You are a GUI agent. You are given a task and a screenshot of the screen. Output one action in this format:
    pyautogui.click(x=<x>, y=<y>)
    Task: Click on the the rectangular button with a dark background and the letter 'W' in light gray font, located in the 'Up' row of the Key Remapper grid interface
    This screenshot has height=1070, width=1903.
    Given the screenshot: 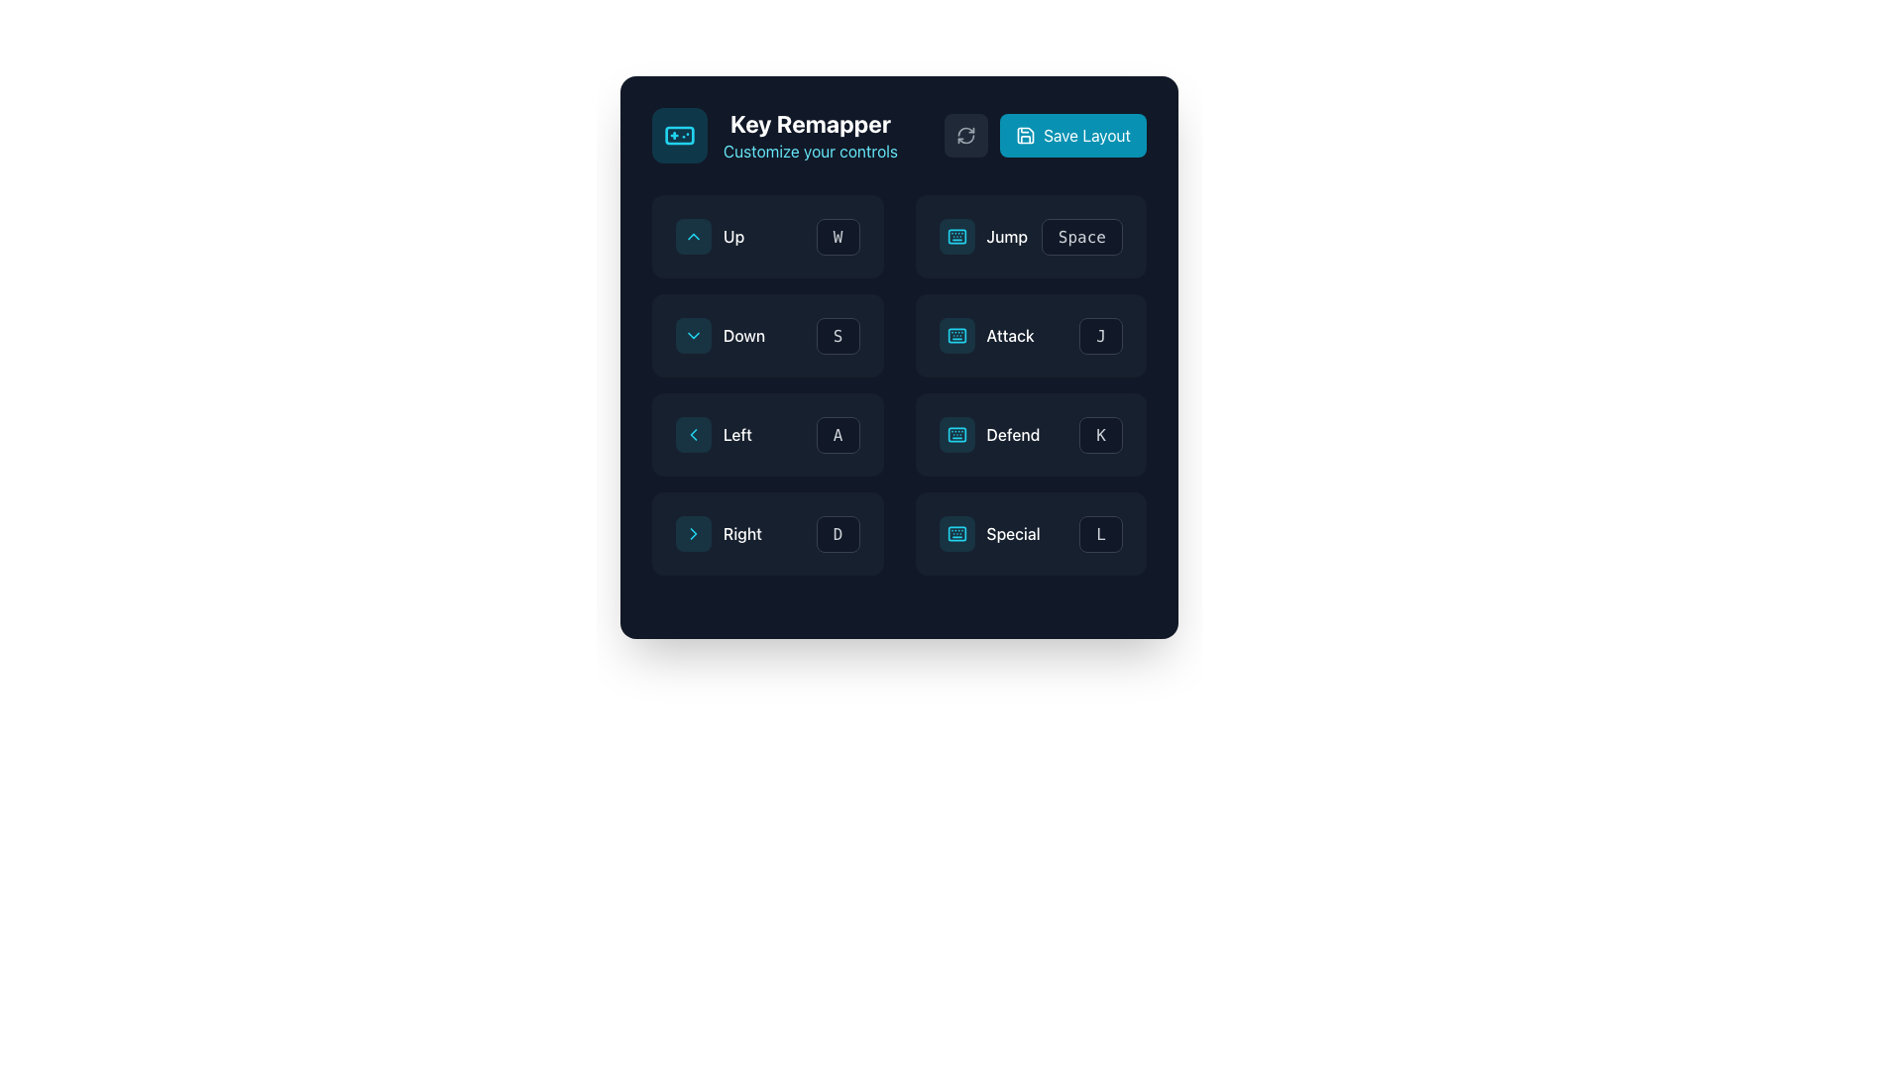 What is the action you would take?
    pyautogui.click(x=838, y=236)
    